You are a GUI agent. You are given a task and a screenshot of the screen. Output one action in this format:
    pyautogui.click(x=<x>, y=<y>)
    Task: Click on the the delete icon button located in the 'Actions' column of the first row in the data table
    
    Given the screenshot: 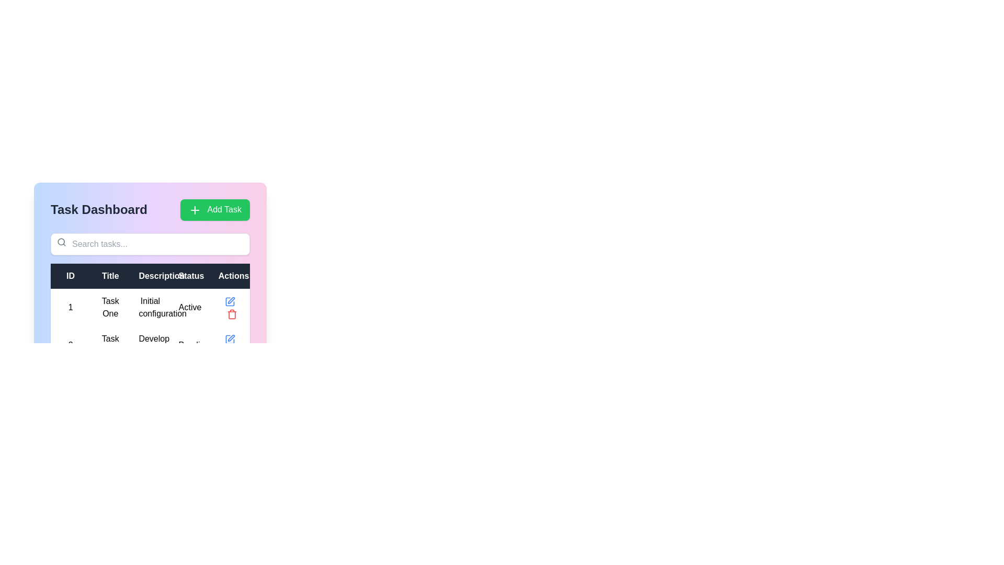 What is the action you would take?
    pyautogui.click(x=231, y=313)
    